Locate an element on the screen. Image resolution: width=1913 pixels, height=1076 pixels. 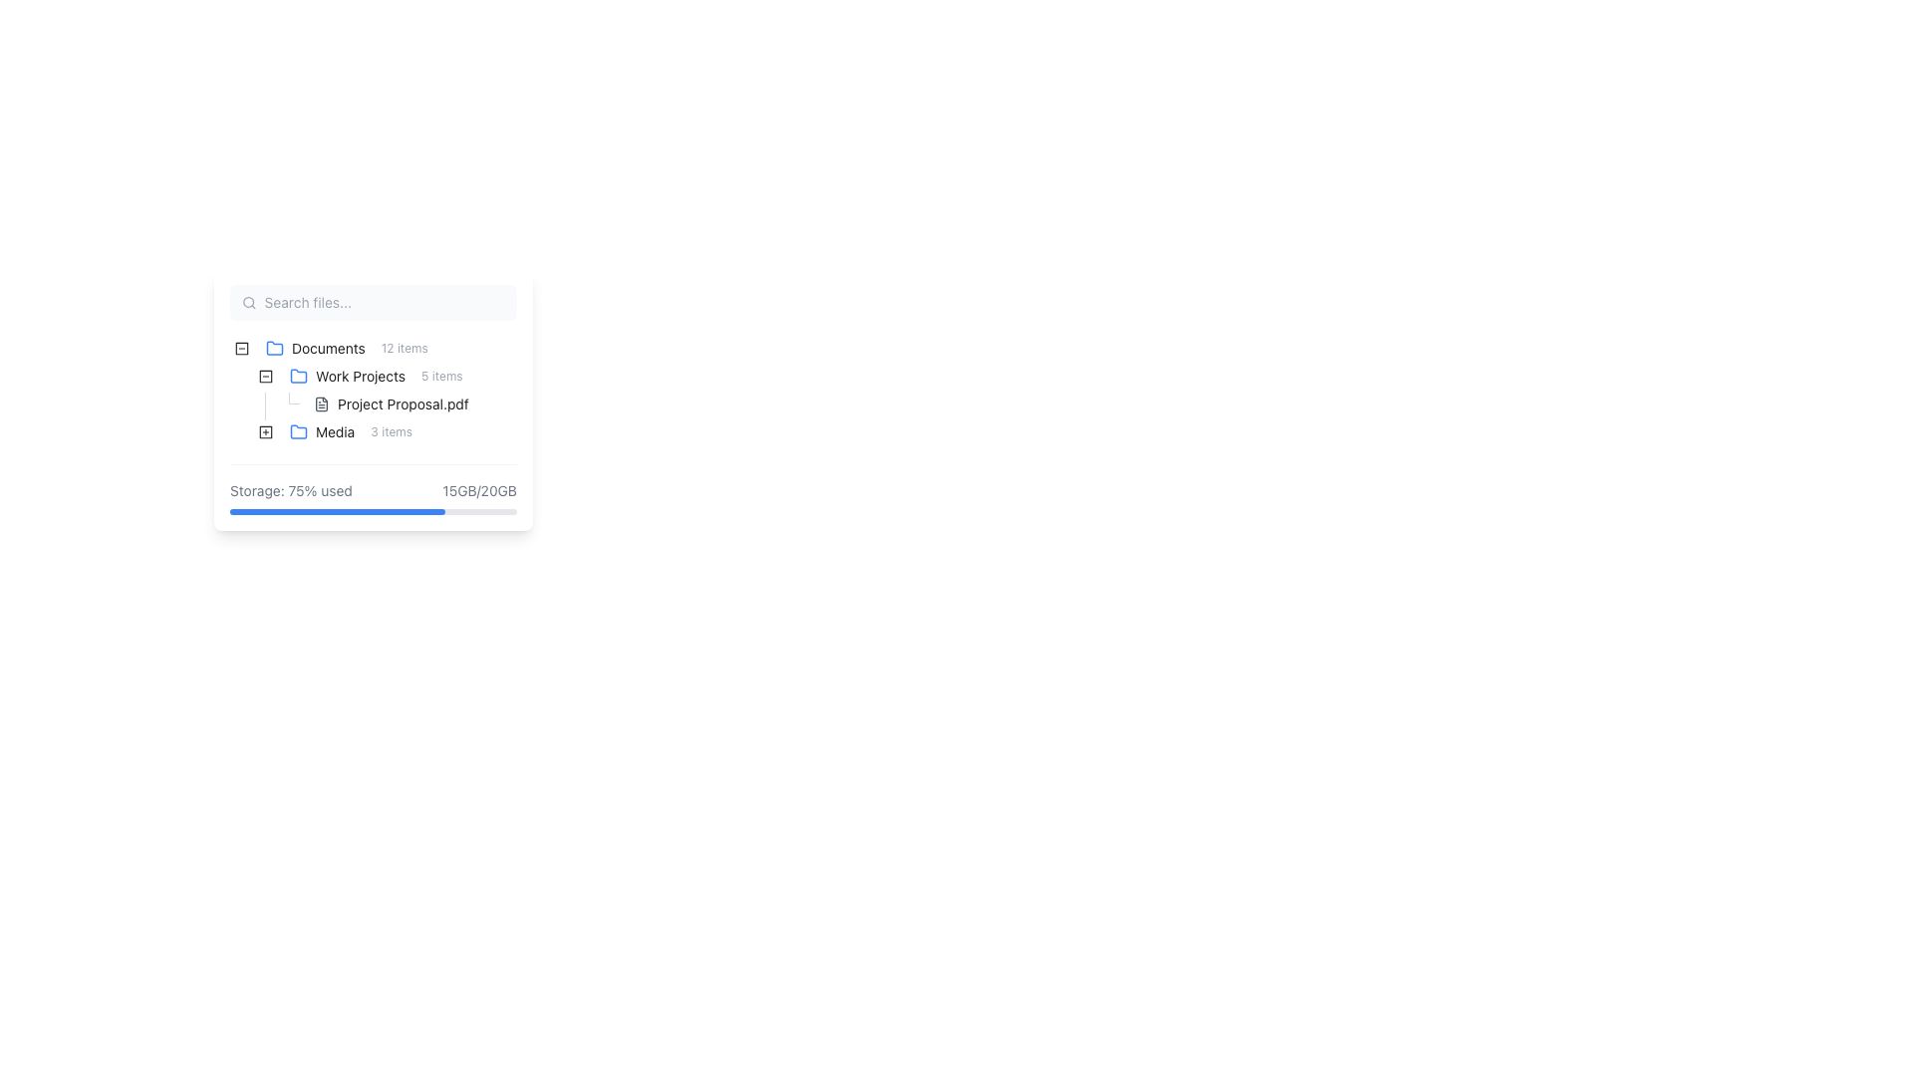
the document icon representing a file labeled 'Project Proposal.pdf' is located at coordinates (321, 403).